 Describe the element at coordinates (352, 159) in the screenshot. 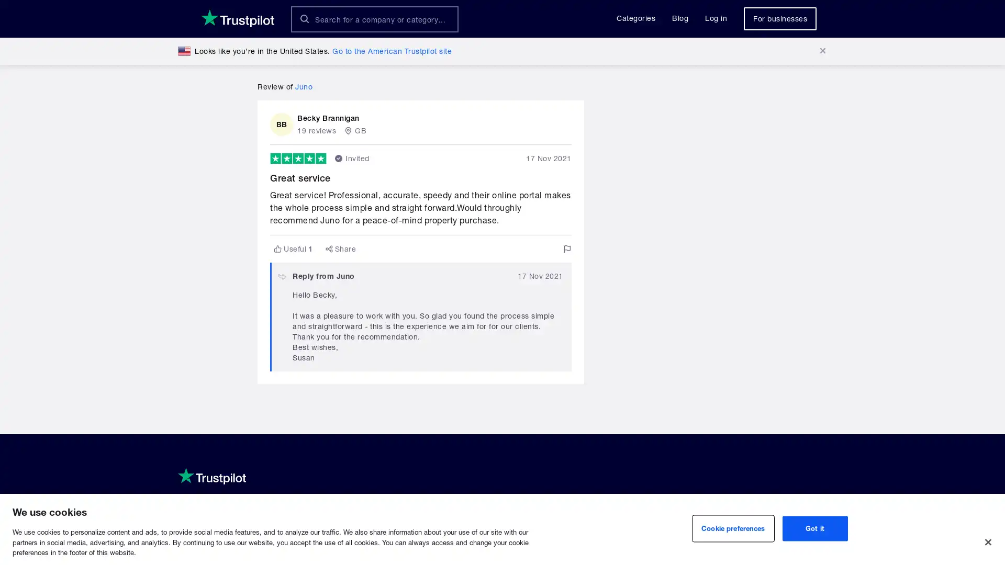

I see `Invited` at that location.